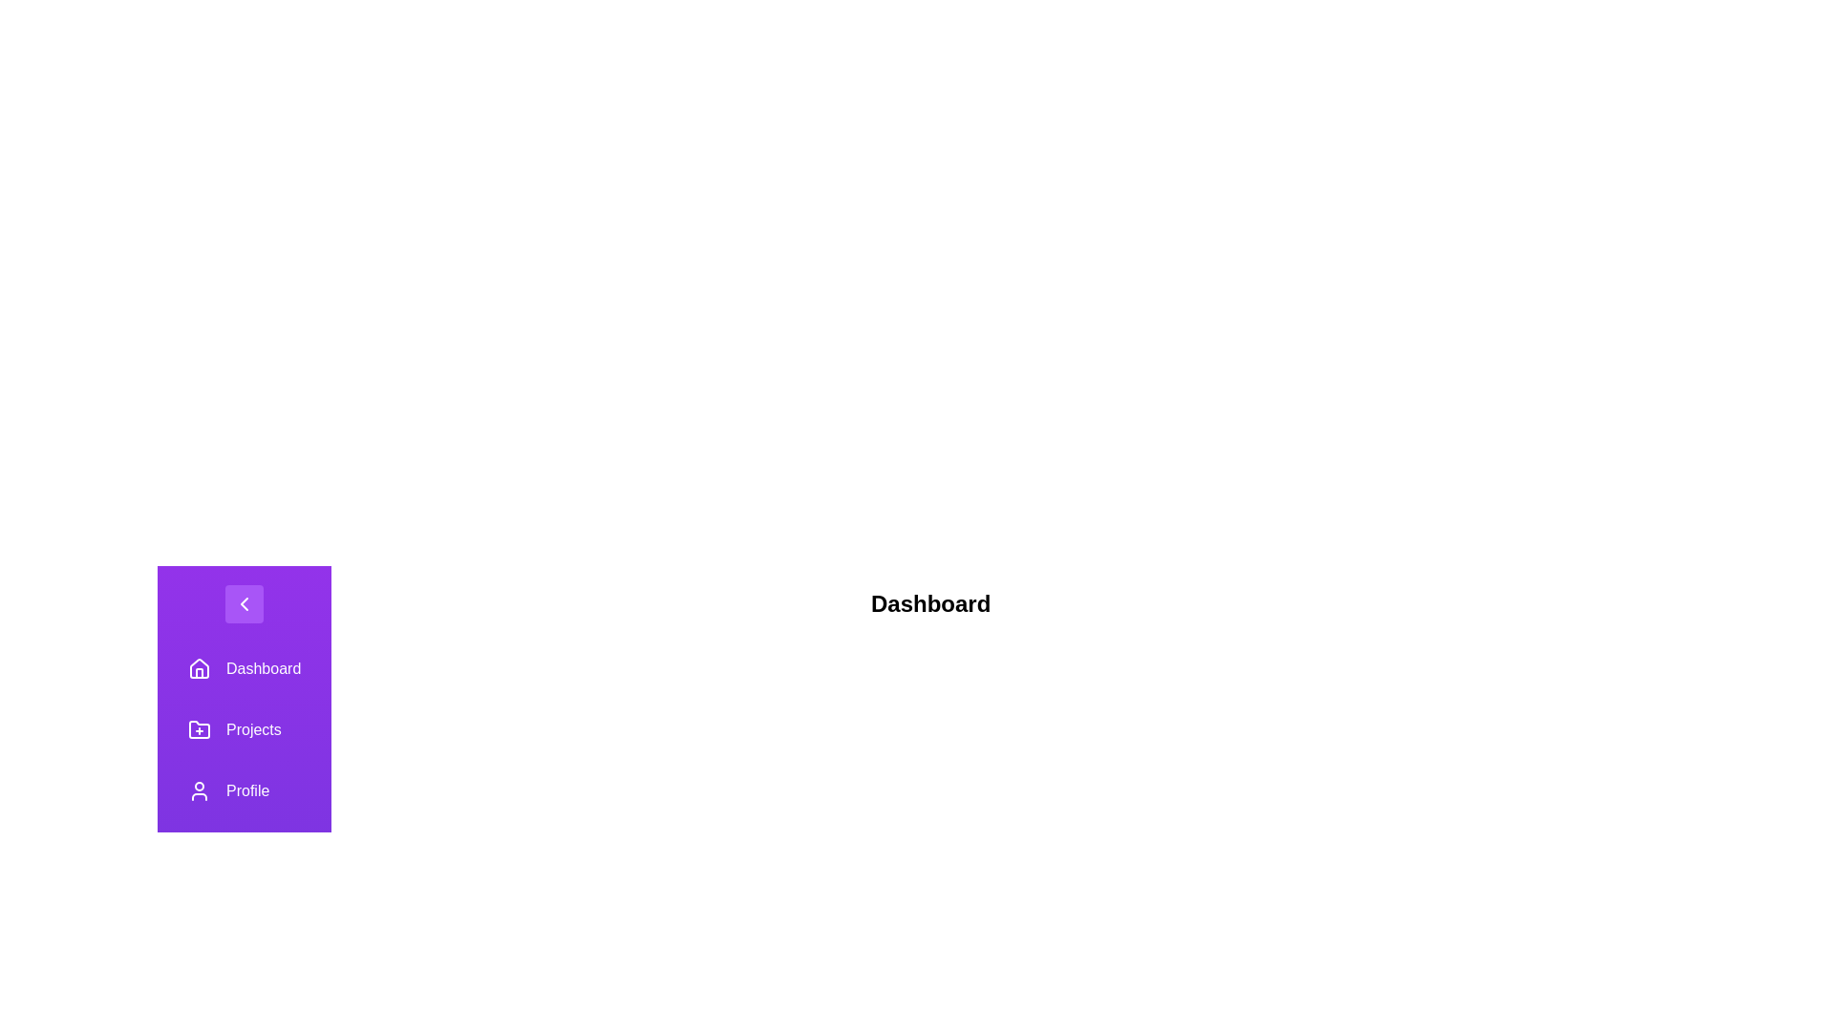 This screenshot has width=1834, height=1031. Describe the element at coordinates (244, 603) in the screenshot. I see `the minimalist left-pointing arrow icon located at the top of the vertical navigation menu on a purple background` at that location.